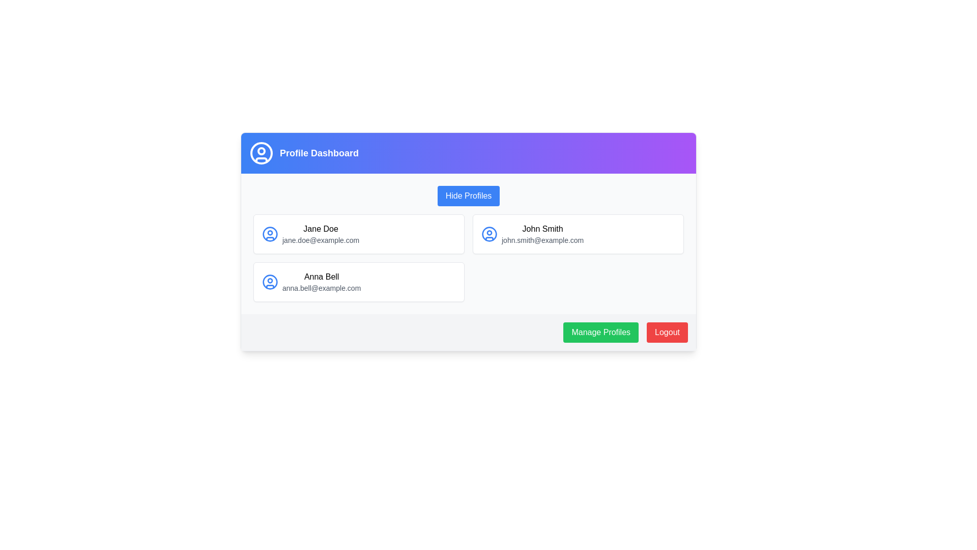 The width and height of the screenshot is (977, 550). Describe the element at coordinates (319, 153) in the screenshot. I see `the Text Label that serves as the title or heading, positioned in the header banner to the right of the circular user icon` at that location.